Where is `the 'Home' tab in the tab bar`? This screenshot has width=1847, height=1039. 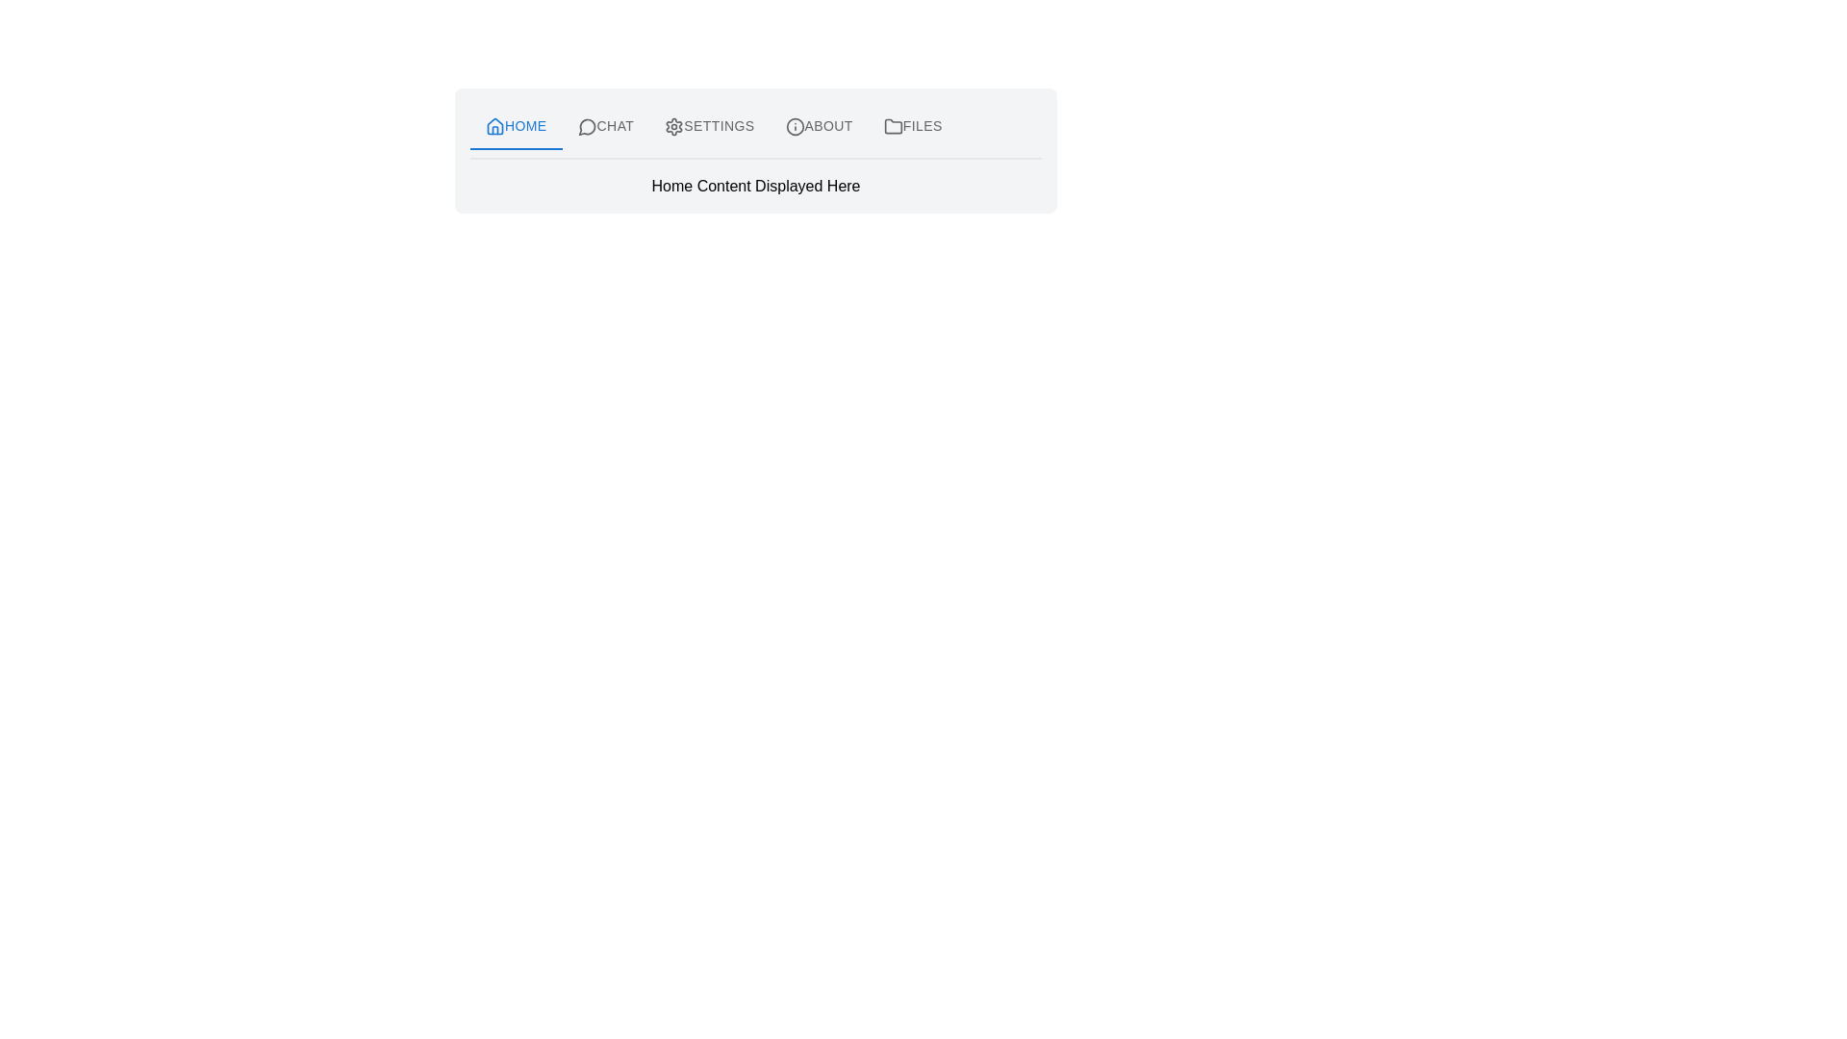
the 'Home' tab in the tab bar is located at coordinates (516, 126).